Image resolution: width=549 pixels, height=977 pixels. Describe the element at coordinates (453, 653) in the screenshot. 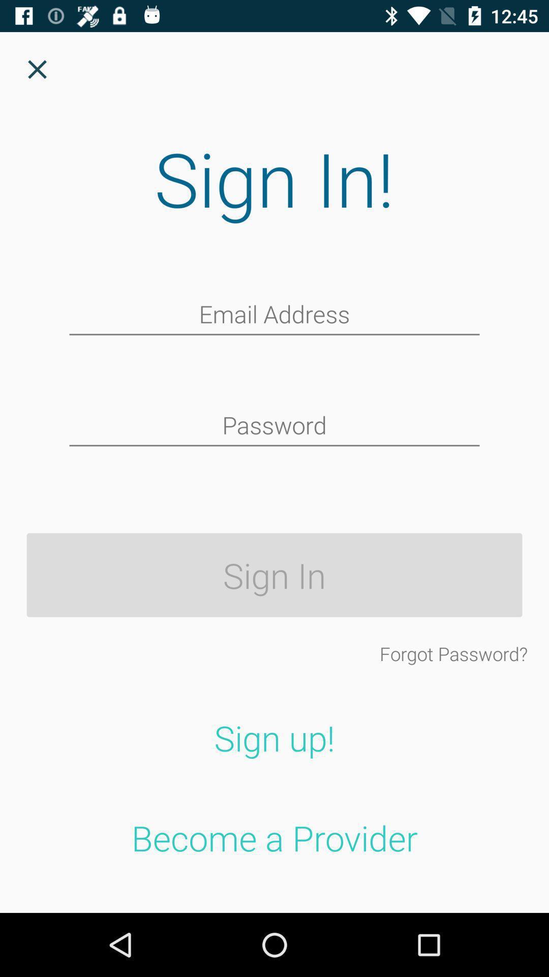

I see `the forgot password?` at that location.